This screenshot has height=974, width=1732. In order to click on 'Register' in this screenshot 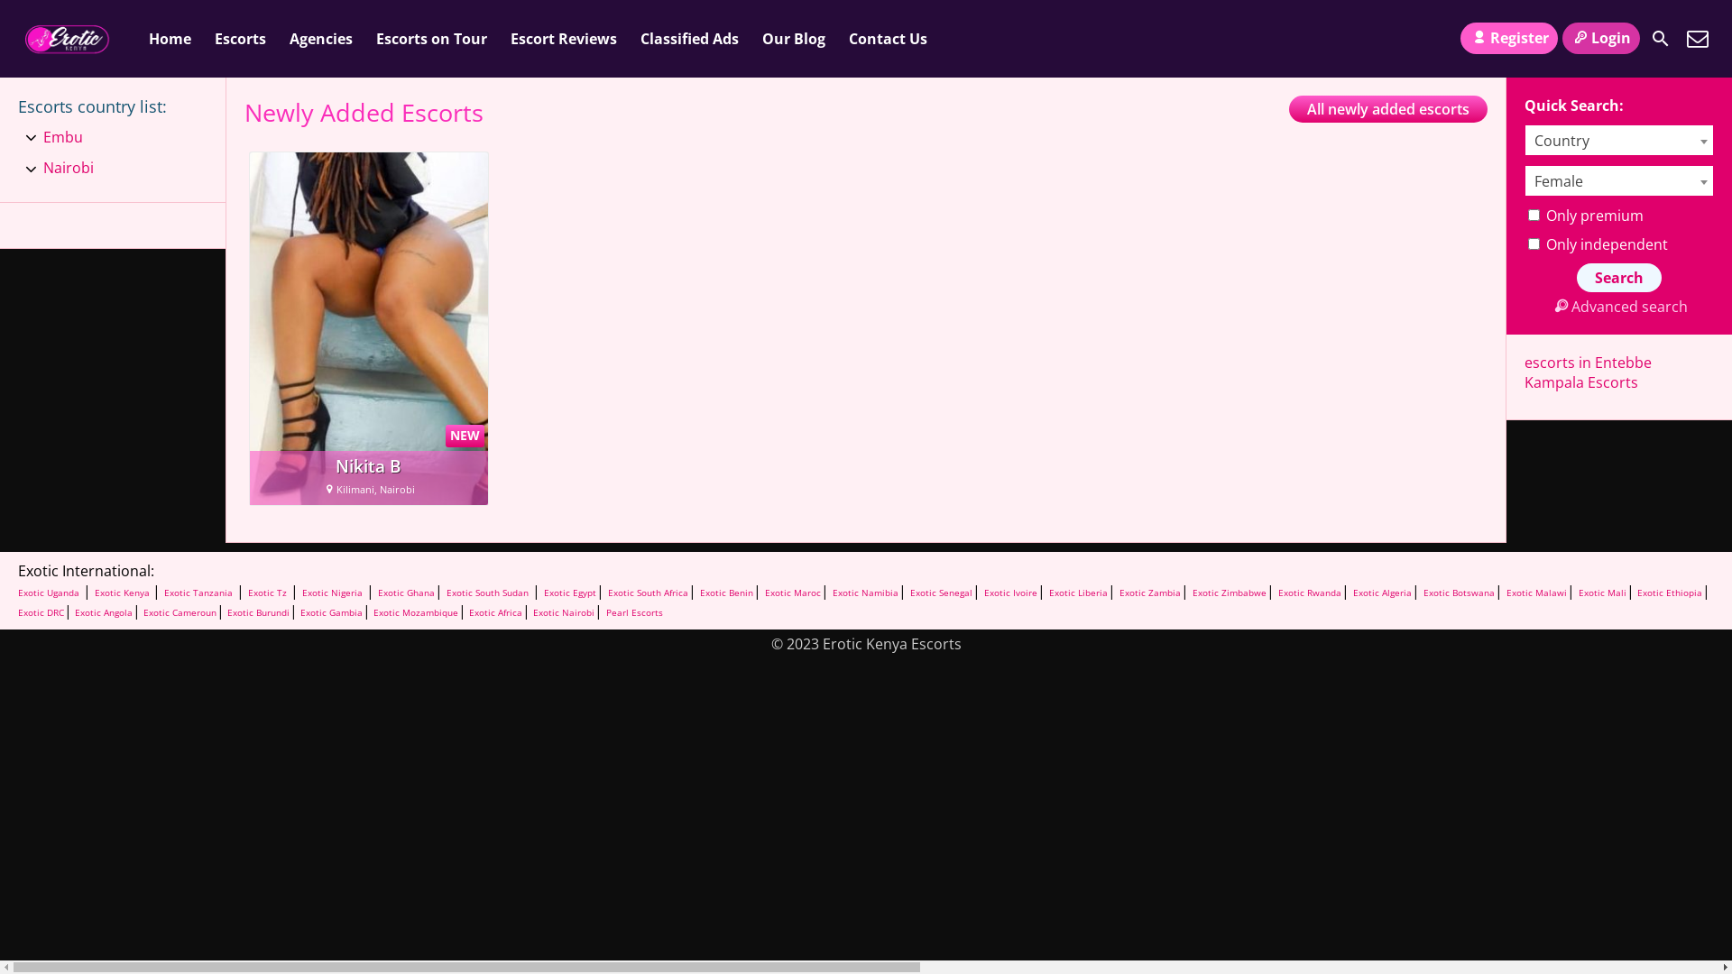, I will do `click(1508, 38)`.